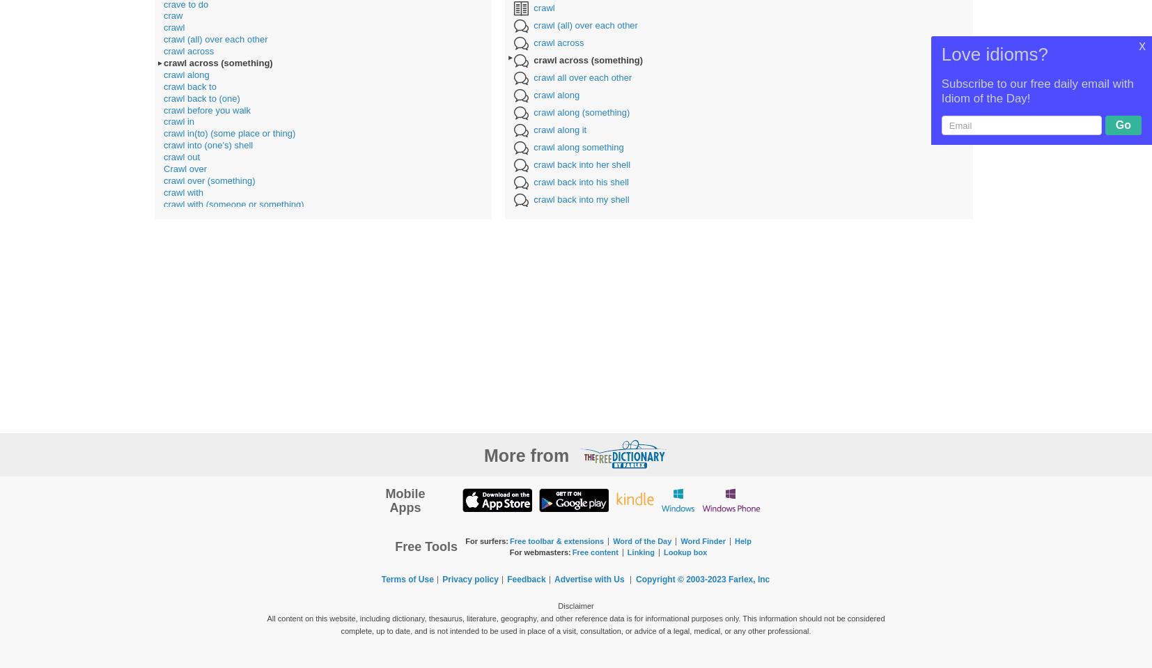  What do you see at coordinates (575, 623) in the screenshot?
I see `'All content on this website, including dictionary, thesaurus, literature, geography, and other reference data is for informational purposes only. This information should not be considered complete, up to date, and is not intended to be used in place of a visit, consultation, or advice of a legal, medical, or any other professional.'` at bounding box center [575, 623].